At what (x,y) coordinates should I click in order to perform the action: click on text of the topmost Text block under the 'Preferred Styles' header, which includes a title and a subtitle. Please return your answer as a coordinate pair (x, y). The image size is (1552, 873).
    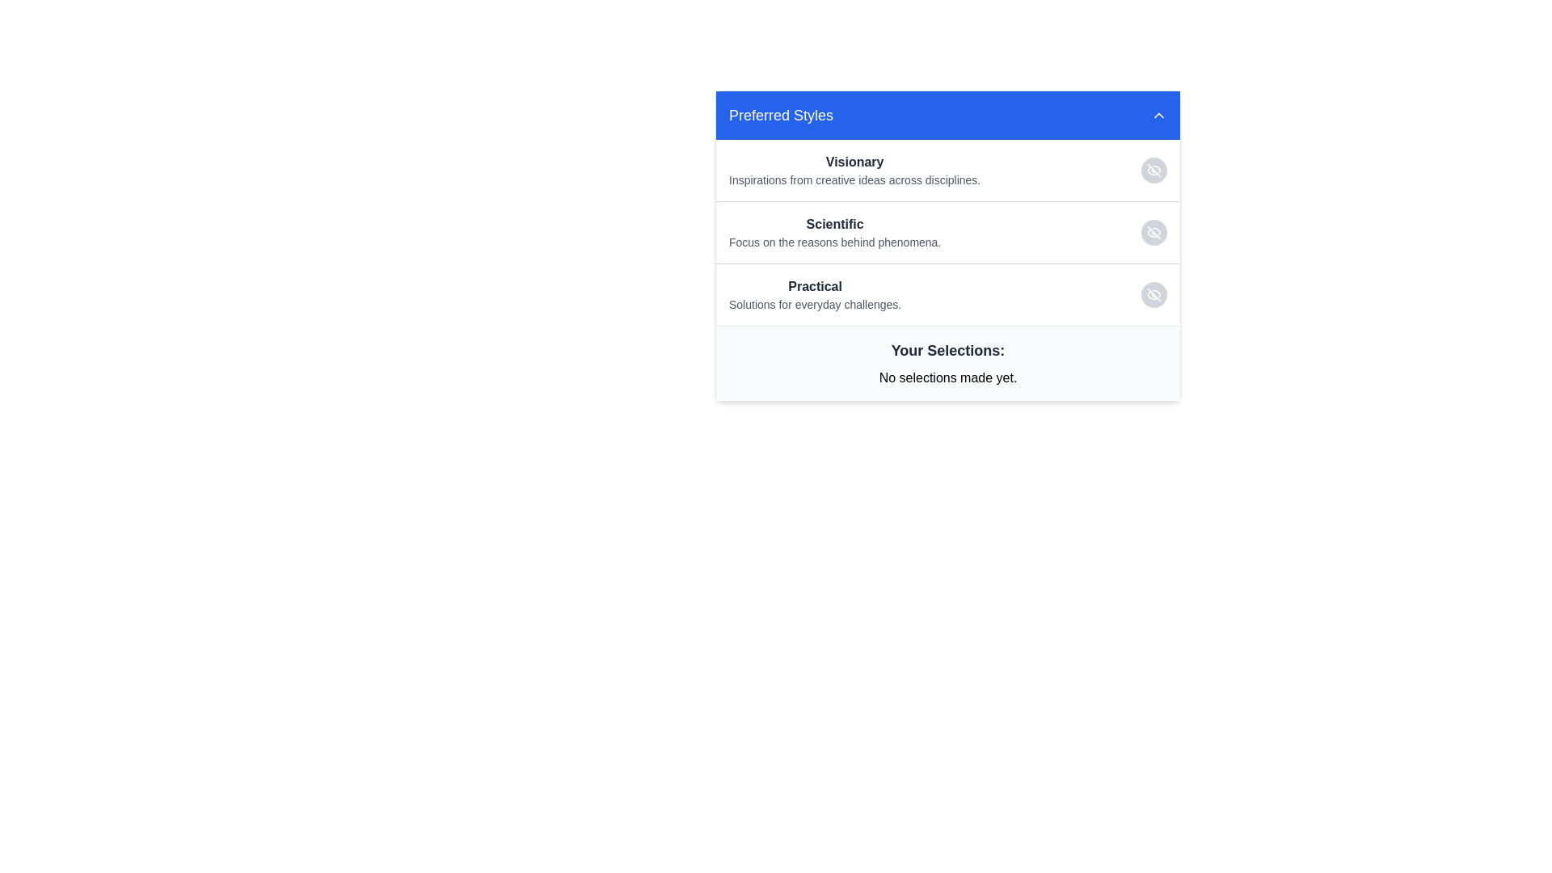
    Looking at the image, I should click on (854, 171).